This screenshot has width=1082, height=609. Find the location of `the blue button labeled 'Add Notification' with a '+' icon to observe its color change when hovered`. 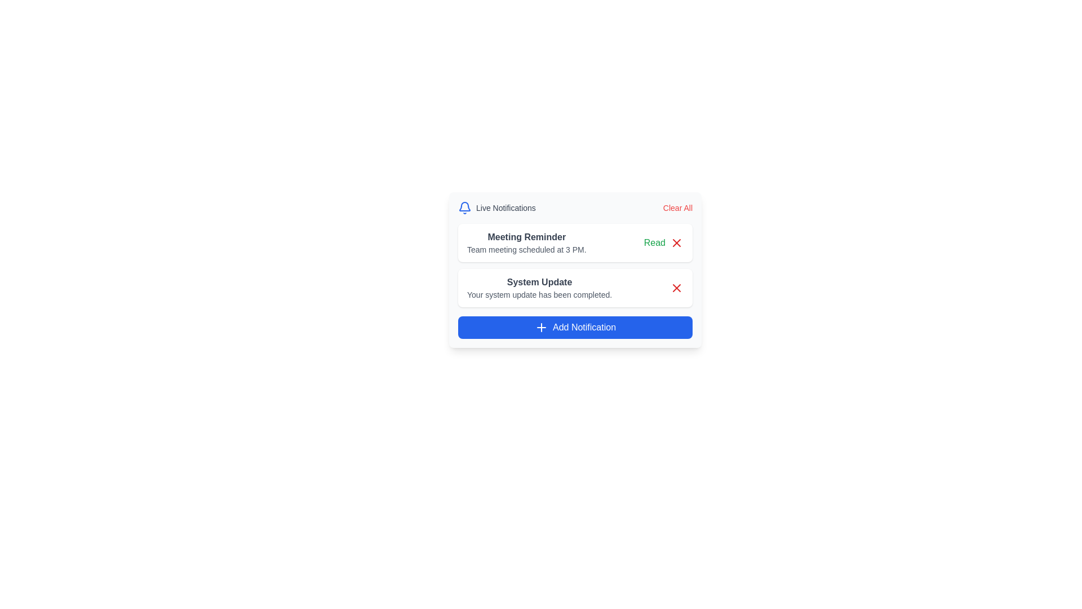

the blue button labeled 'Add Notification' with a '+' icon to observe its color change when hovered is located at coordinates (575, 328).